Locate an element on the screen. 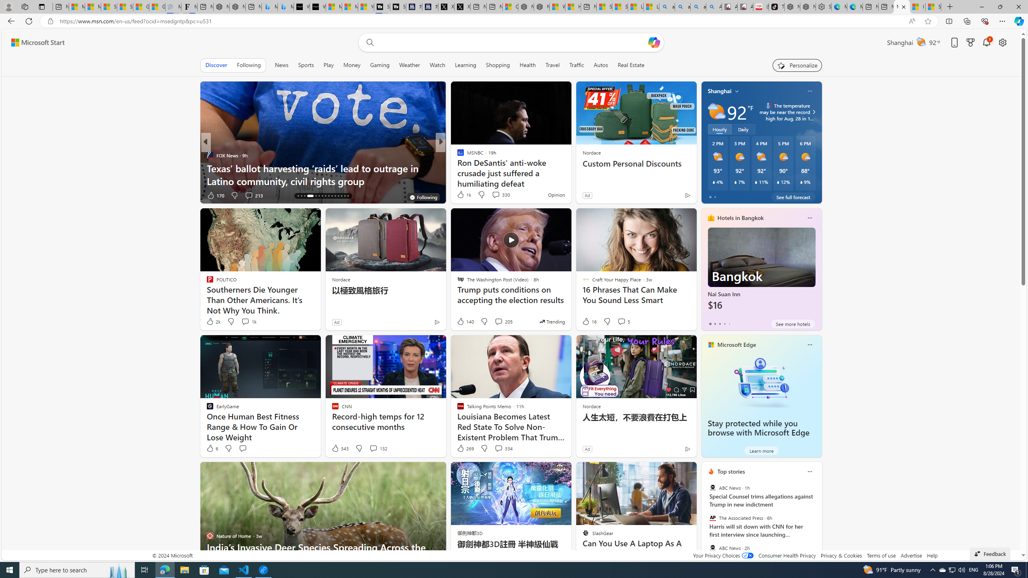  'You' is located at coordinates (423, 197).